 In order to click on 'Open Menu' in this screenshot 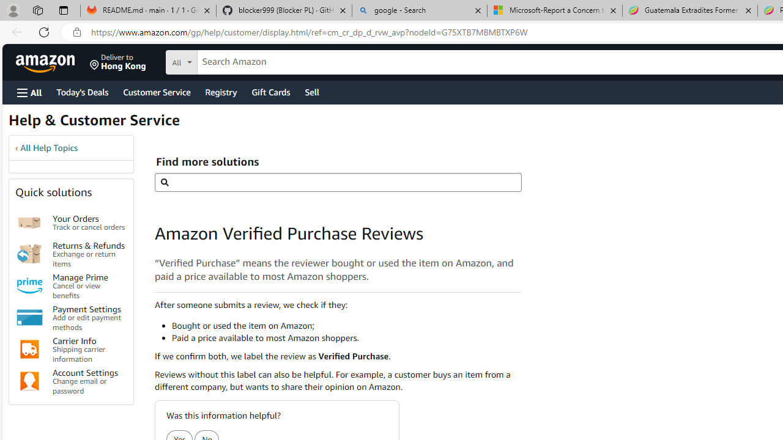, I will do `click(29, 92)`.